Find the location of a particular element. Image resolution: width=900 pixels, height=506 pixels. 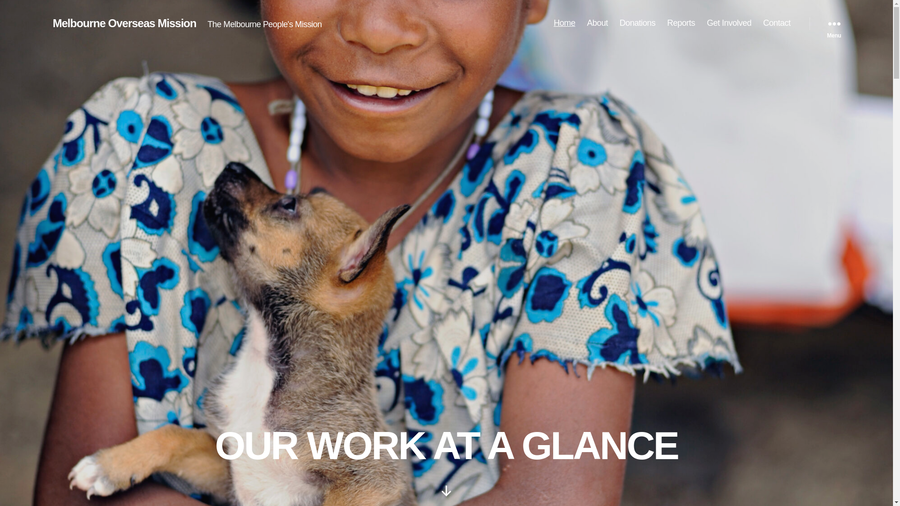

'Melbourne Overseas Mission' is located at coordinates (123, 23).